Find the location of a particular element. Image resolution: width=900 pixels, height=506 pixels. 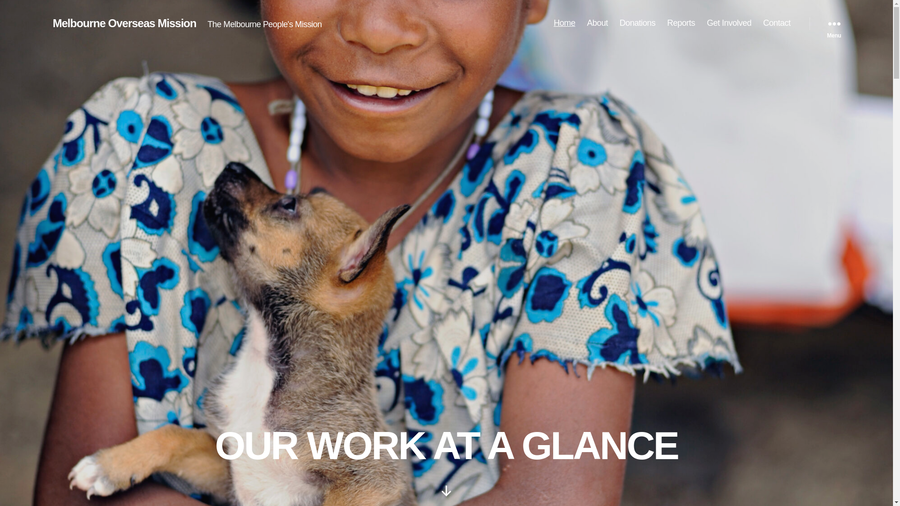

'Melbourne Overseas Mission' is located at coordinates (123, 23).